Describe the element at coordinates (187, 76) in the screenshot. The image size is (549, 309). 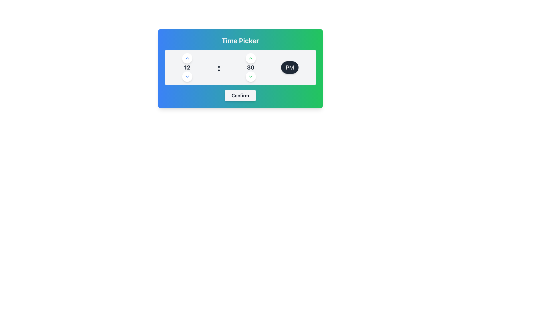
I see `the lower button in the time picker interface, located near the number '12', to trigger hover effects` at that location.